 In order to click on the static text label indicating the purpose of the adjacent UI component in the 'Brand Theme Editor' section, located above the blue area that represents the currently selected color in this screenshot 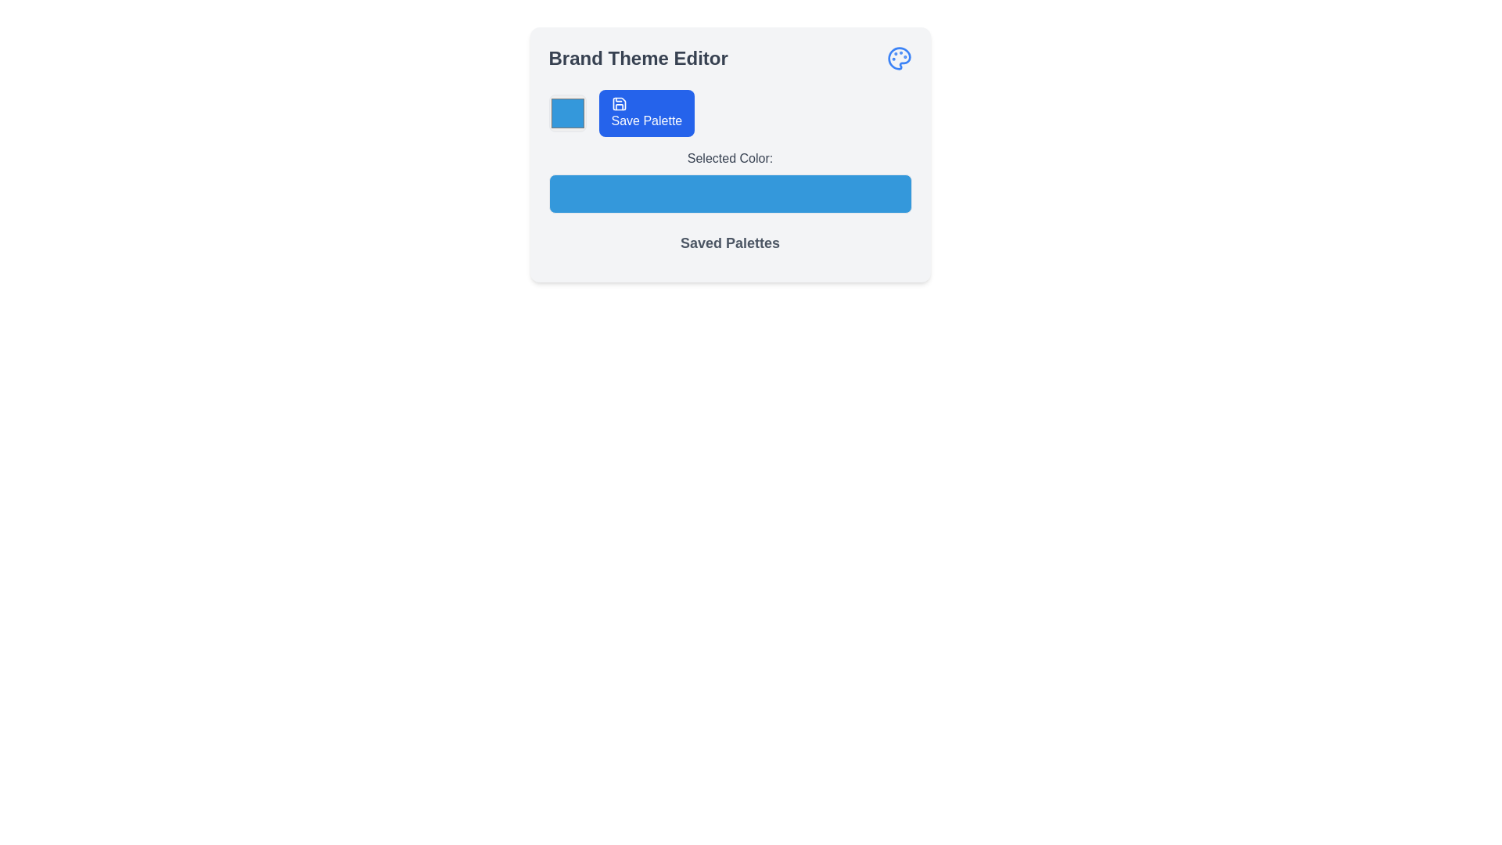, I will do `click(729, 159)`.